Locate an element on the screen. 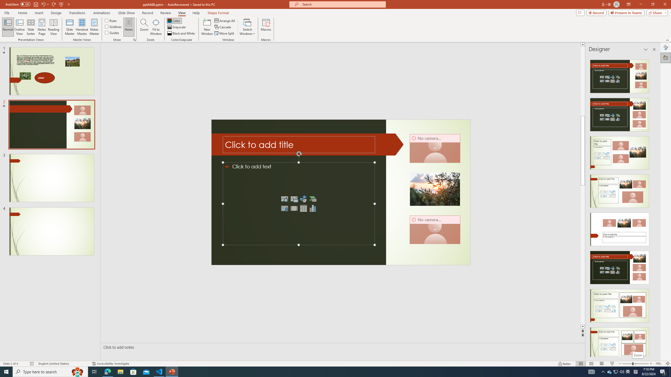 The width and height of the screenshot is (671, 377). 'Format Background' is located at coordinates (665, 47).